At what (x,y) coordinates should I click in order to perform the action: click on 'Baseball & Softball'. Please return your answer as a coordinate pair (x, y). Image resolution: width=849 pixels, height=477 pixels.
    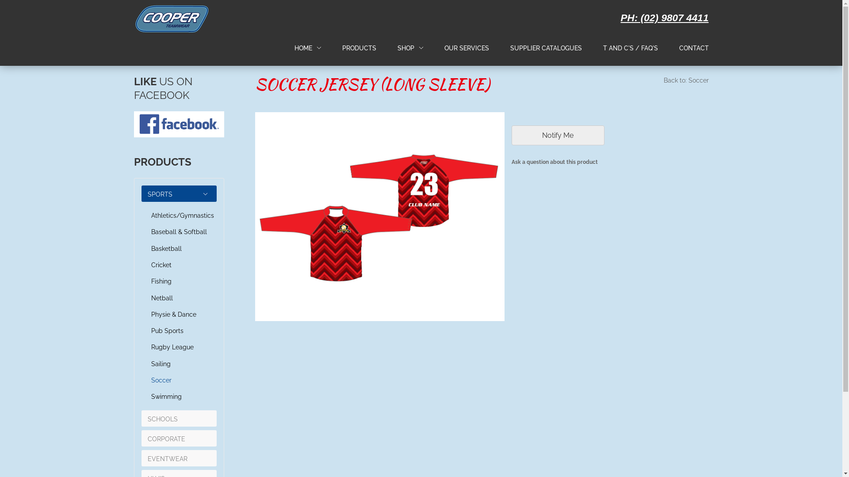
    Looking at the image, I should click on (178, 231).